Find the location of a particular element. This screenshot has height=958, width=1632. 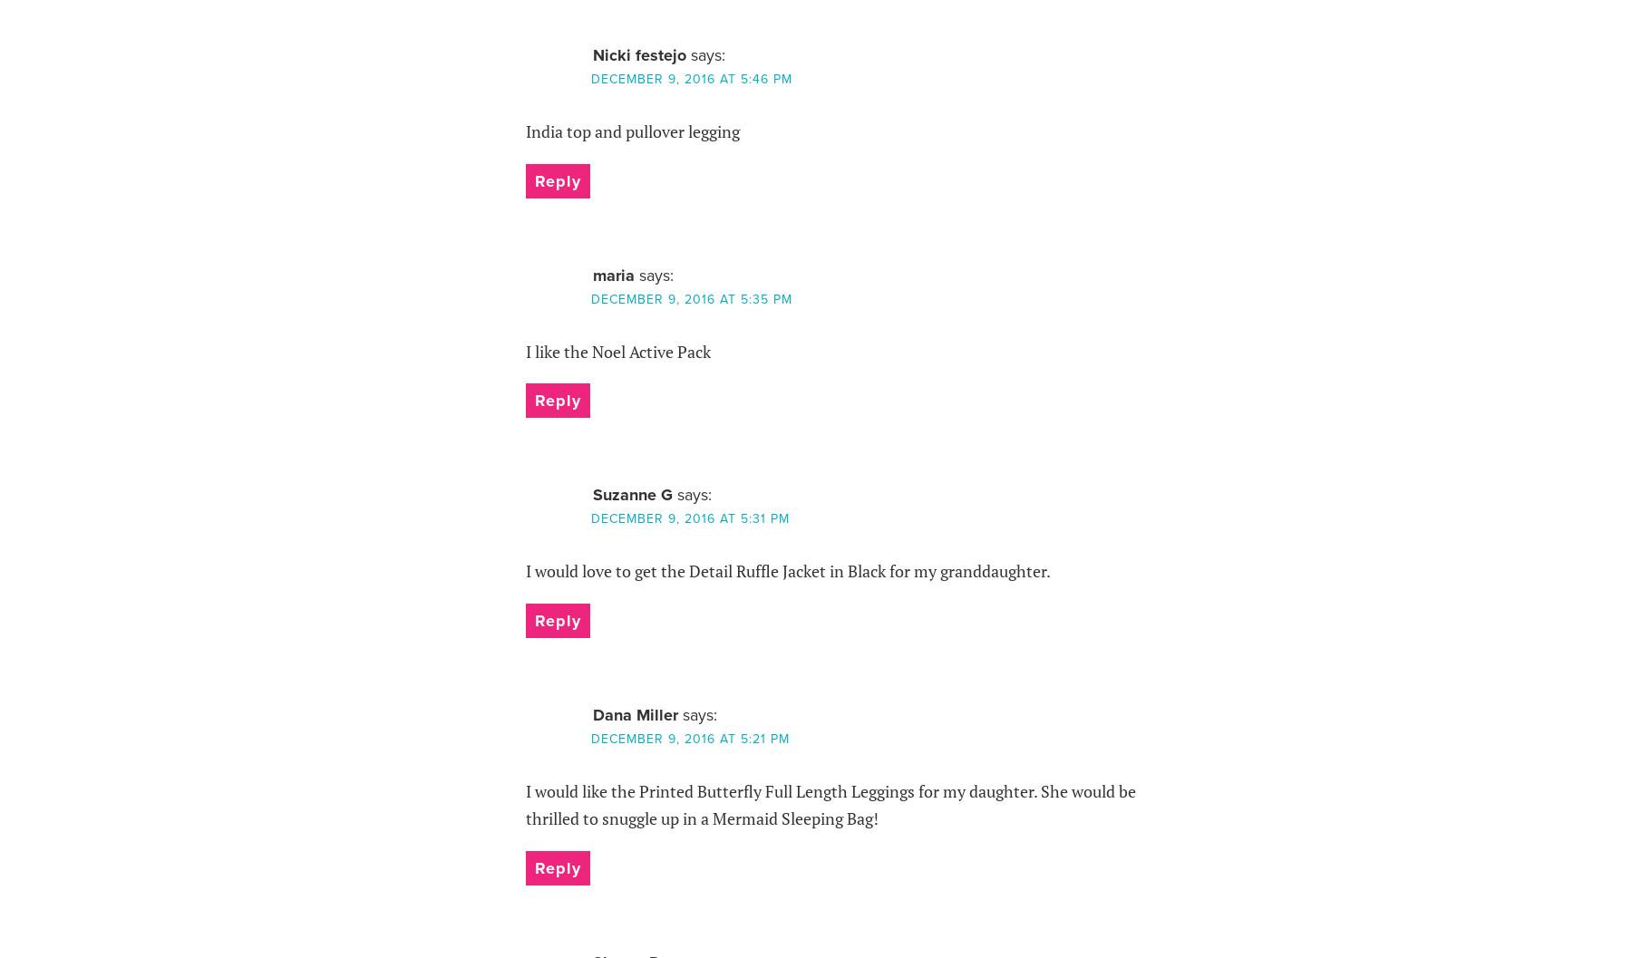

'Nicki festejo' is located at coordinates (637, 54).